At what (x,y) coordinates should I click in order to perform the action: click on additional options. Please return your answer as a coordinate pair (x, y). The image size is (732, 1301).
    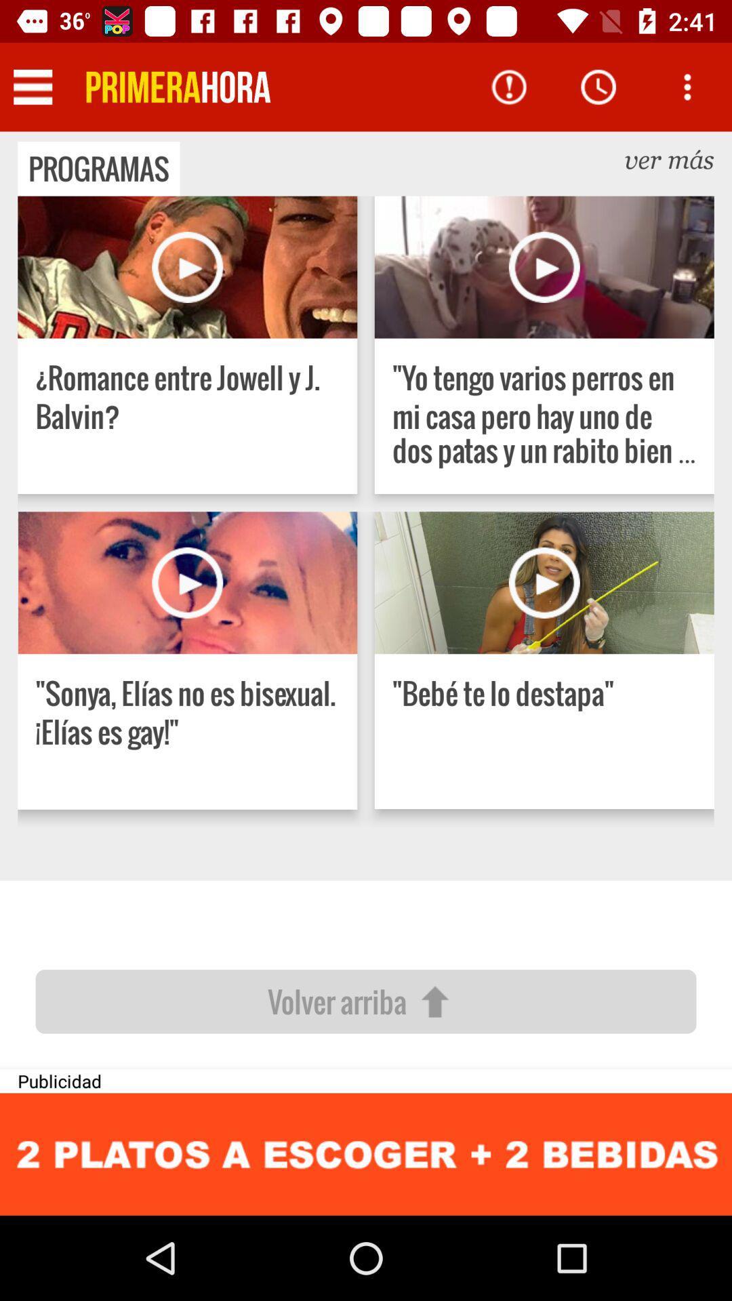
    Looking at the image, I should click on (687, 86).